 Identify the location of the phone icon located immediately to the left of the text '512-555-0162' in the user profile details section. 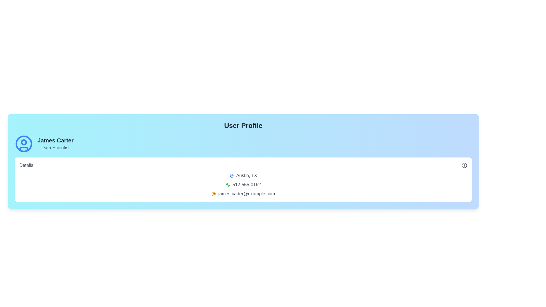
(228, 185).